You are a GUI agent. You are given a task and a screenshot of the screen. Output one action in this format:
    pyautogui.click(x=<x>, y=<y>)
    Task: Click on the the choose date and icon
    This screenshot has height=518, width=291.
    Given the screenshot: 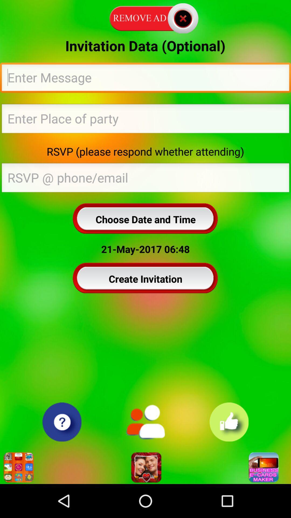 What is the action you would take?
    pyautogui.click(x=145, y=219)
    